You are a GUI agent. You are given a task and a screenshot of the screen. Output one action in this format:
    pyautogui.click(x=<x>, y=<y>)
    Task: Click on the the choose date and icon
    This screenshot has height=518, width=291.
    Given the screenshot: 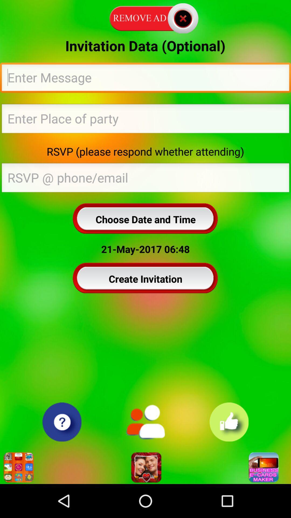 What is the action you would take?
    pyautogui.click(x=145, y=219)
    